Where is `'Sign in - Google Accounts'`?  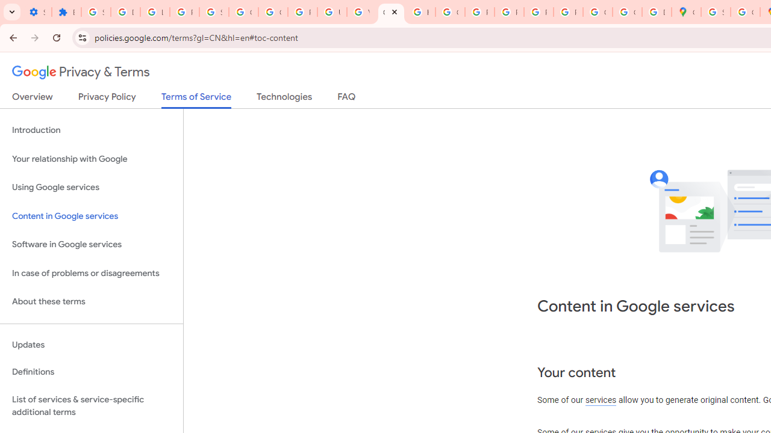
'Sign in - Google Accounts' is located at coordinates (95, 12).